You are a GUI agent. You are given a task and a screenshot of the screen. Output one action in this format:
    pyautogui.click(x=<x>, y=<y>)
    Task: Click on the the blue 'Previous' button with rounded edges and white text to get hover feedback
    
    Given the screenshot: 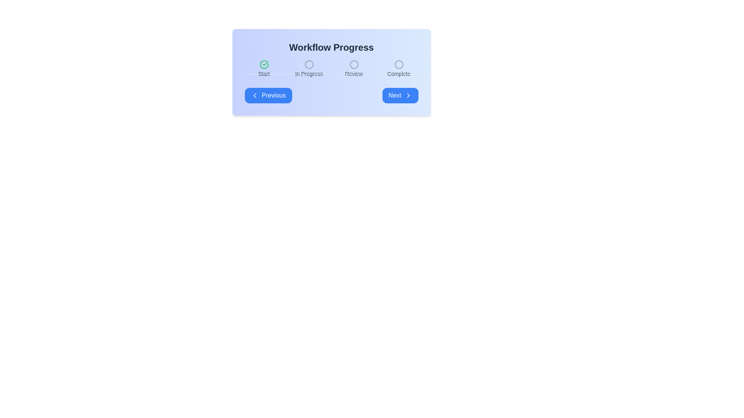 What is the action you would take?
    pyautogui.click(x=268, y=95)
    